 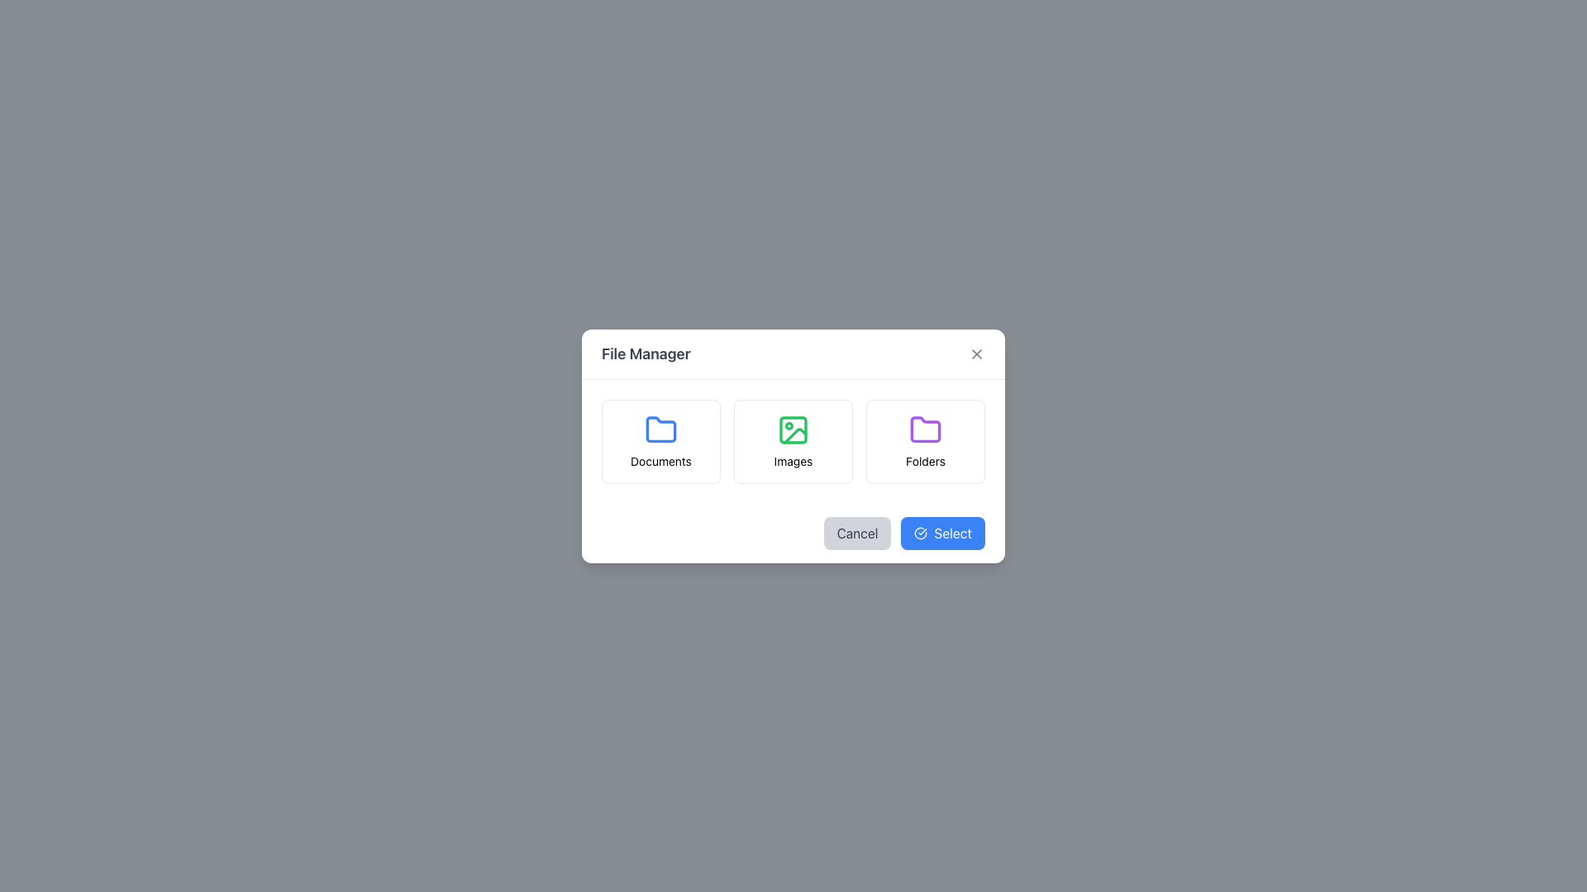 What do you see at coordinates (857, 533) in the screenshot?
I see `the cancel button located in the lower right section of the modal, positioned to the left of the 'Select' button` at bounding box center [857, 533].